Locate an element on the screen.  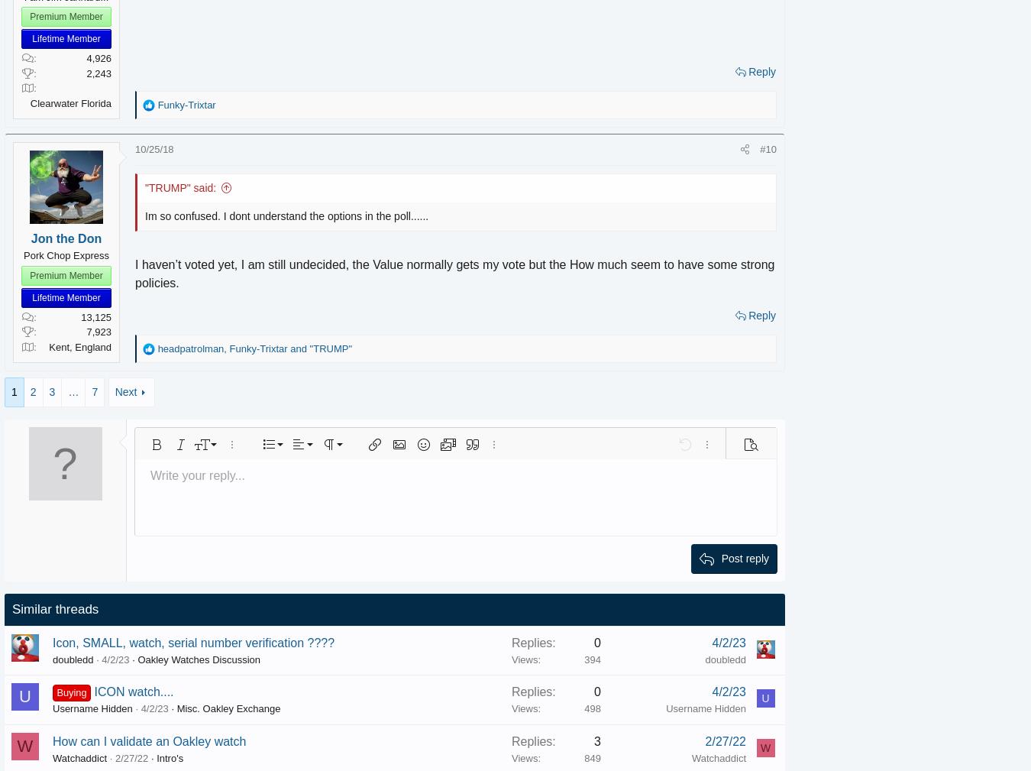
',' is located at coordinates (247, 347).